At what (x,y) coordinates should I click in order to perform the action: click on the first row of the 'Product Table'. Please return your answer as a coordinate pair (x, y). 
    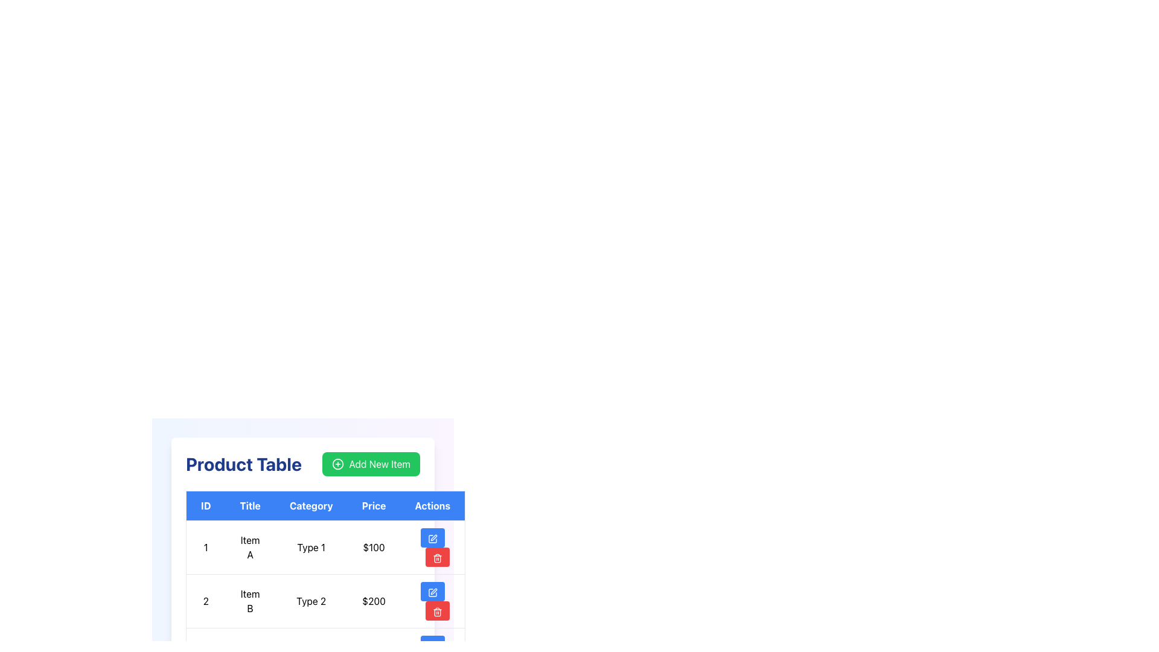
    Looking at the image, I should click on (325, 547).